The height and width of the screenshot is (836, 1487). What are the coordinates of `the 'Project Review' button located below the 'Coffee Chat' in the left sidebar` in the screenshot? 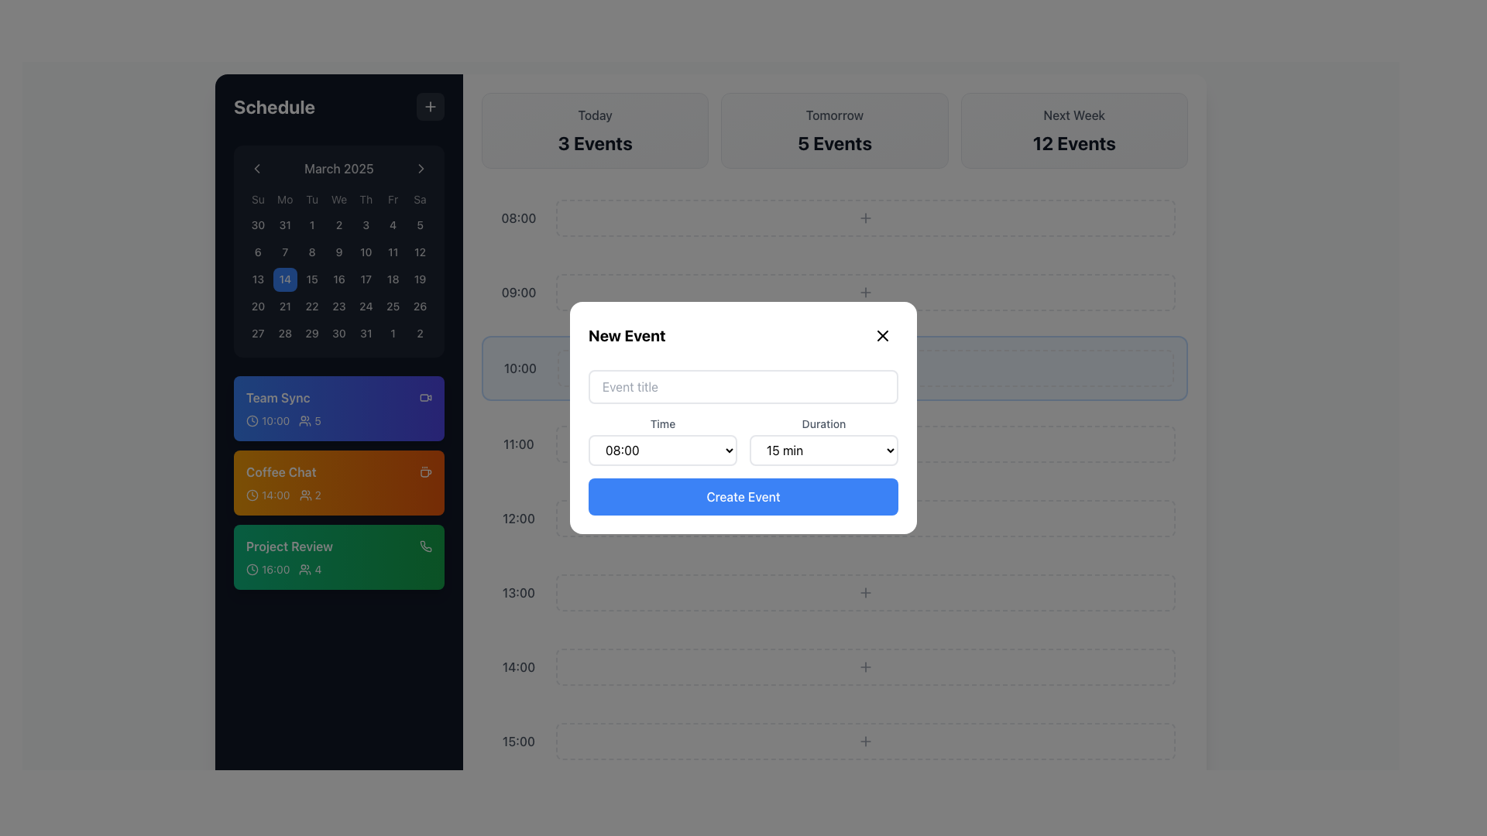 It's located at (338, 557).